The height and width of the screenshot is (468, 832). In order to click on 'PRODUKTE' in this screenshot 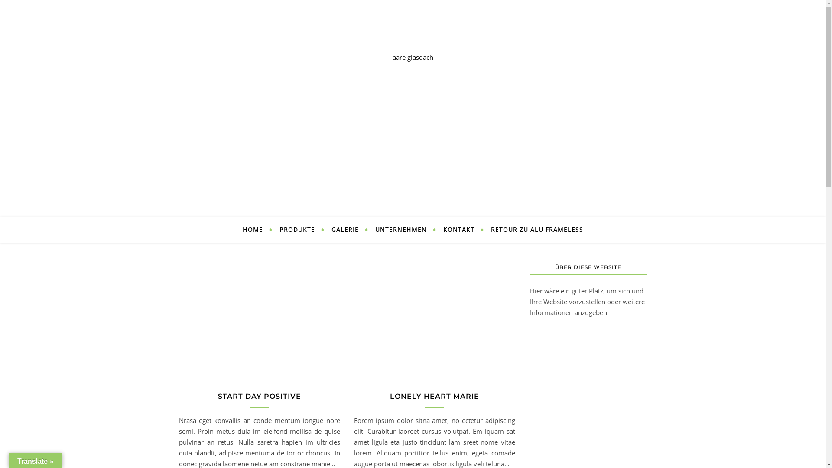, I will do `click(297, 229)`.